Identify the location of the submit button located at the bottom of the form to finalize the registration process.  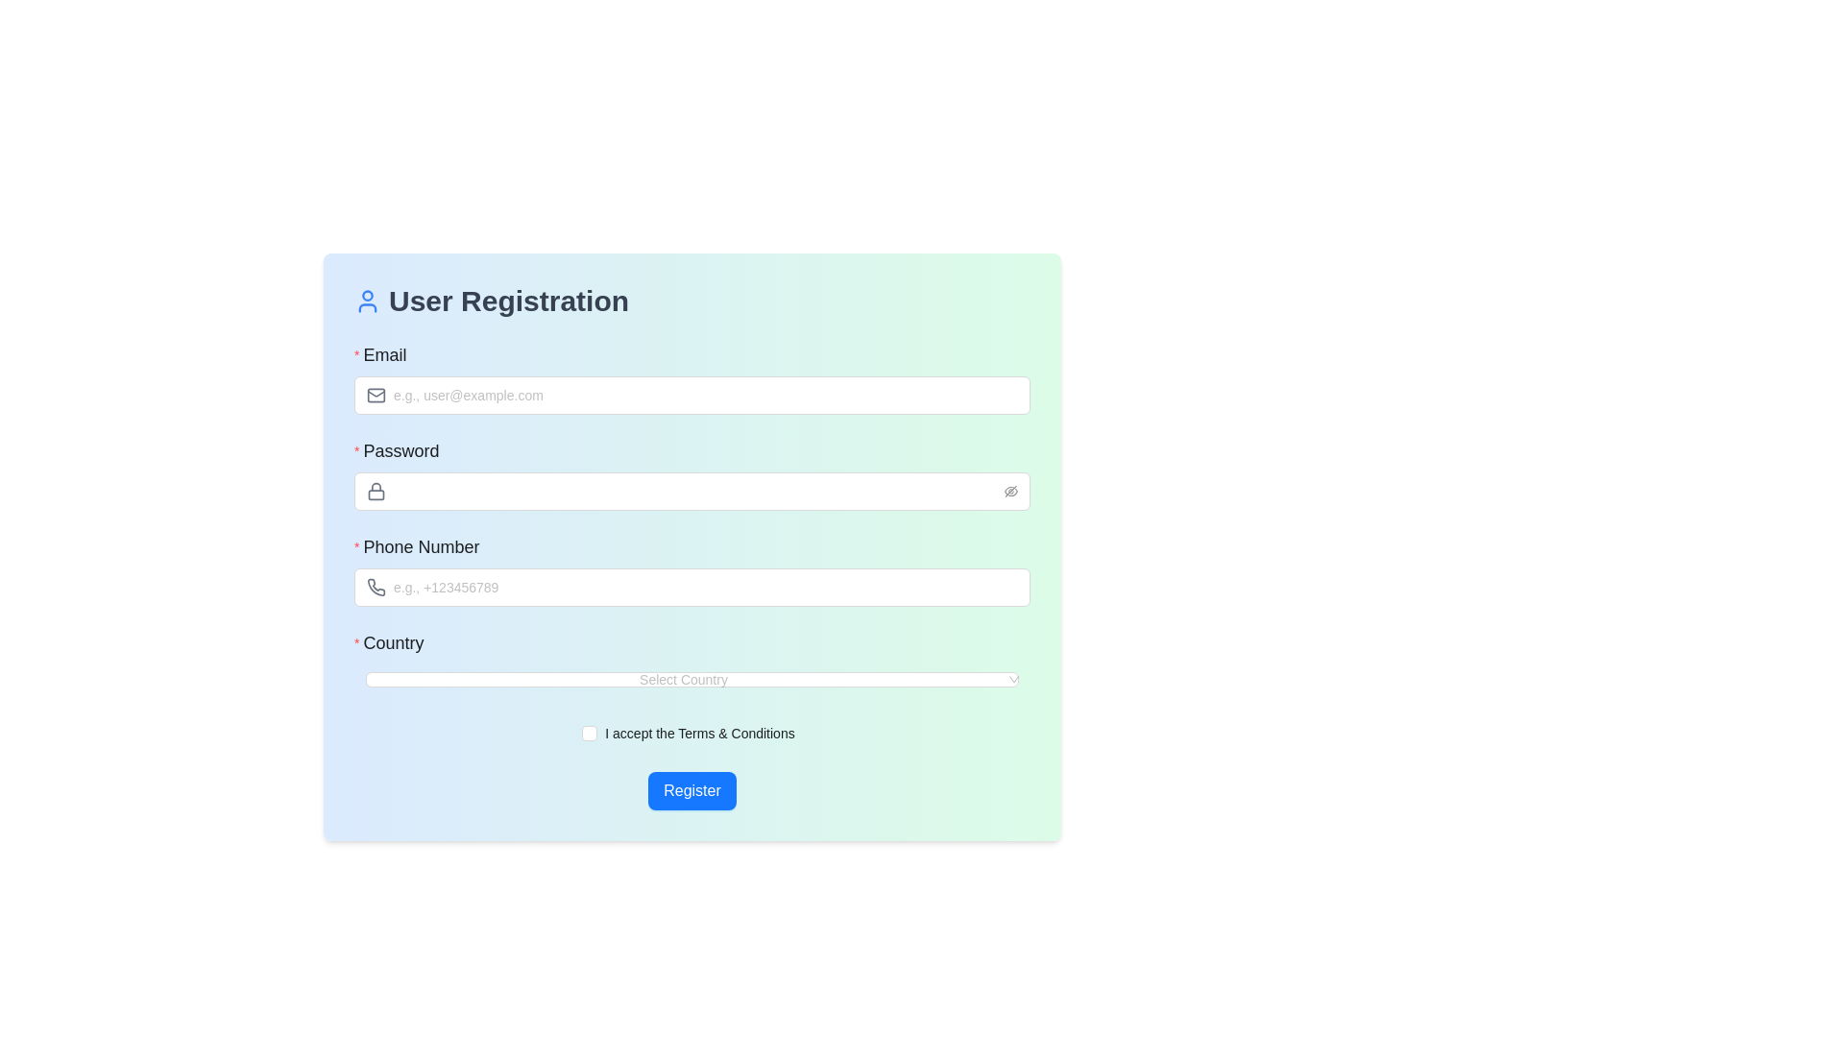
(691, 791).